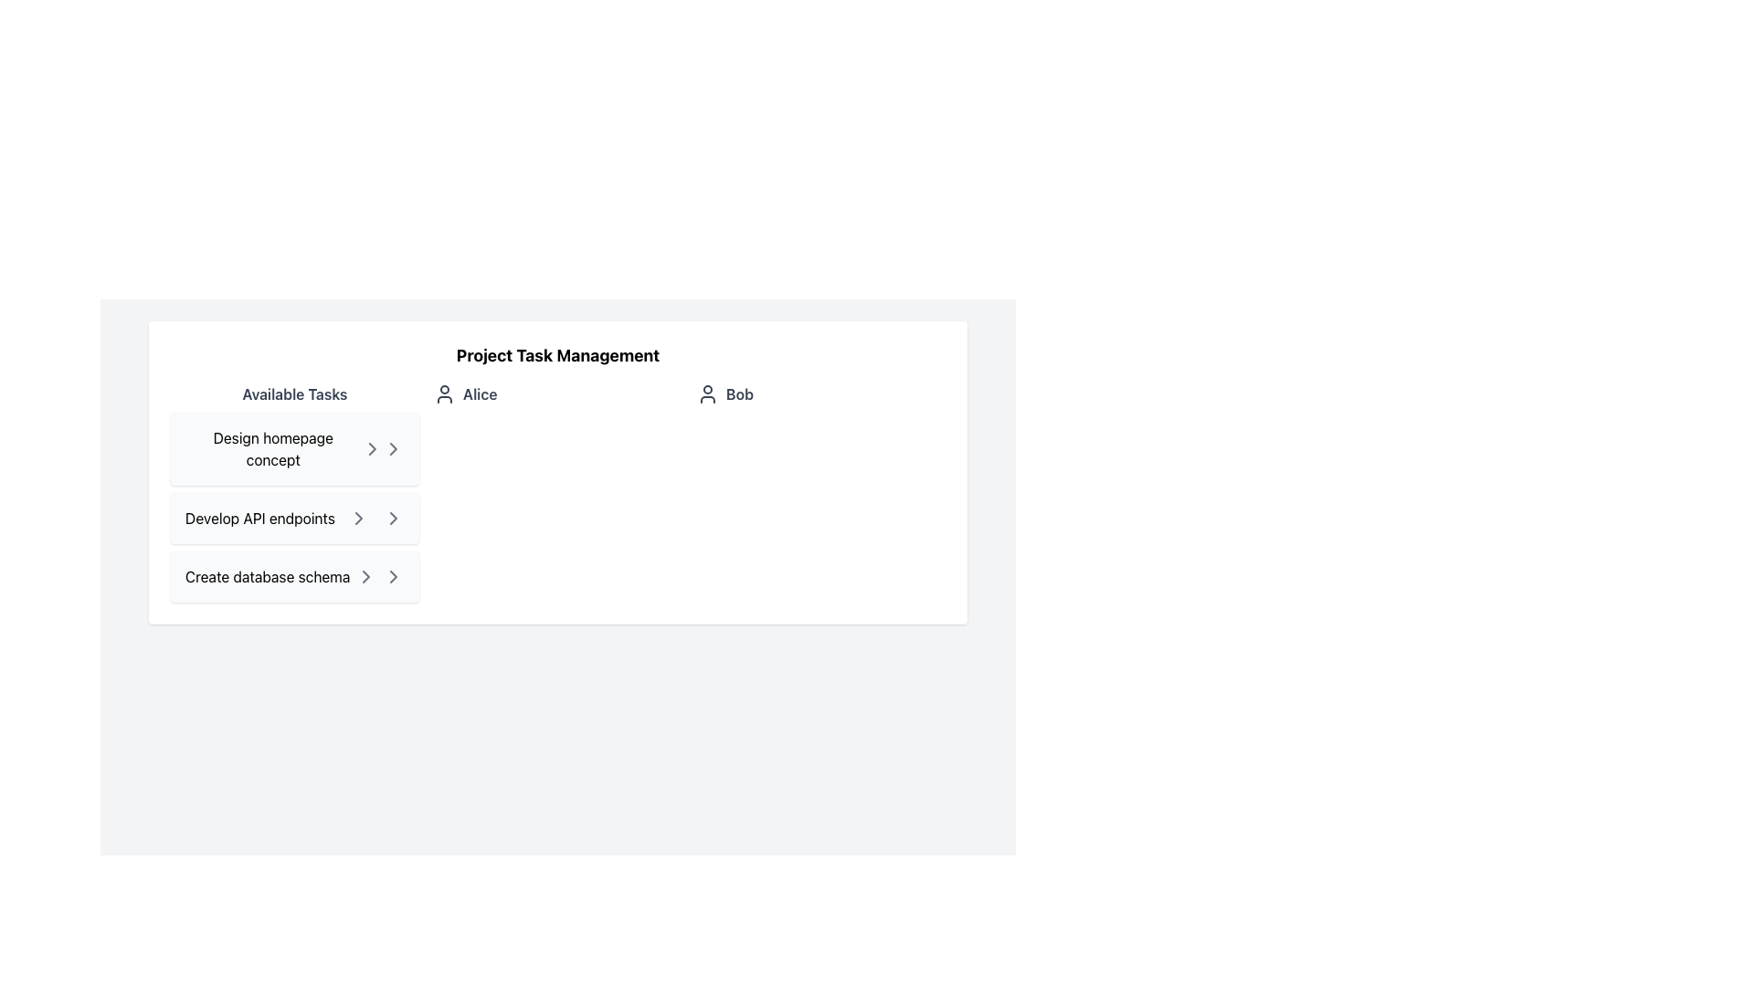 This screenshot has width=1754, height=986. What do you see at coordinates (267, 577) in the screenshot?
I see `the text-based link labeled 'Create database schema' located within the 'Available Tasks' section, positioned between 'Develop API endpoints' and a right-chevron icon` at bounding box center [267, 577].